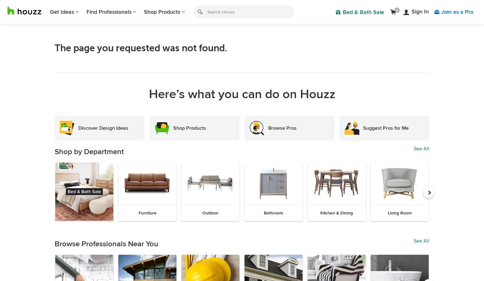 This screenshot has height=281, width=484. What do you see at coordinates (242, 94) in the screenshot?
I see `'Here’s what you can do on Houzz'` at bounding box center [242, 94].